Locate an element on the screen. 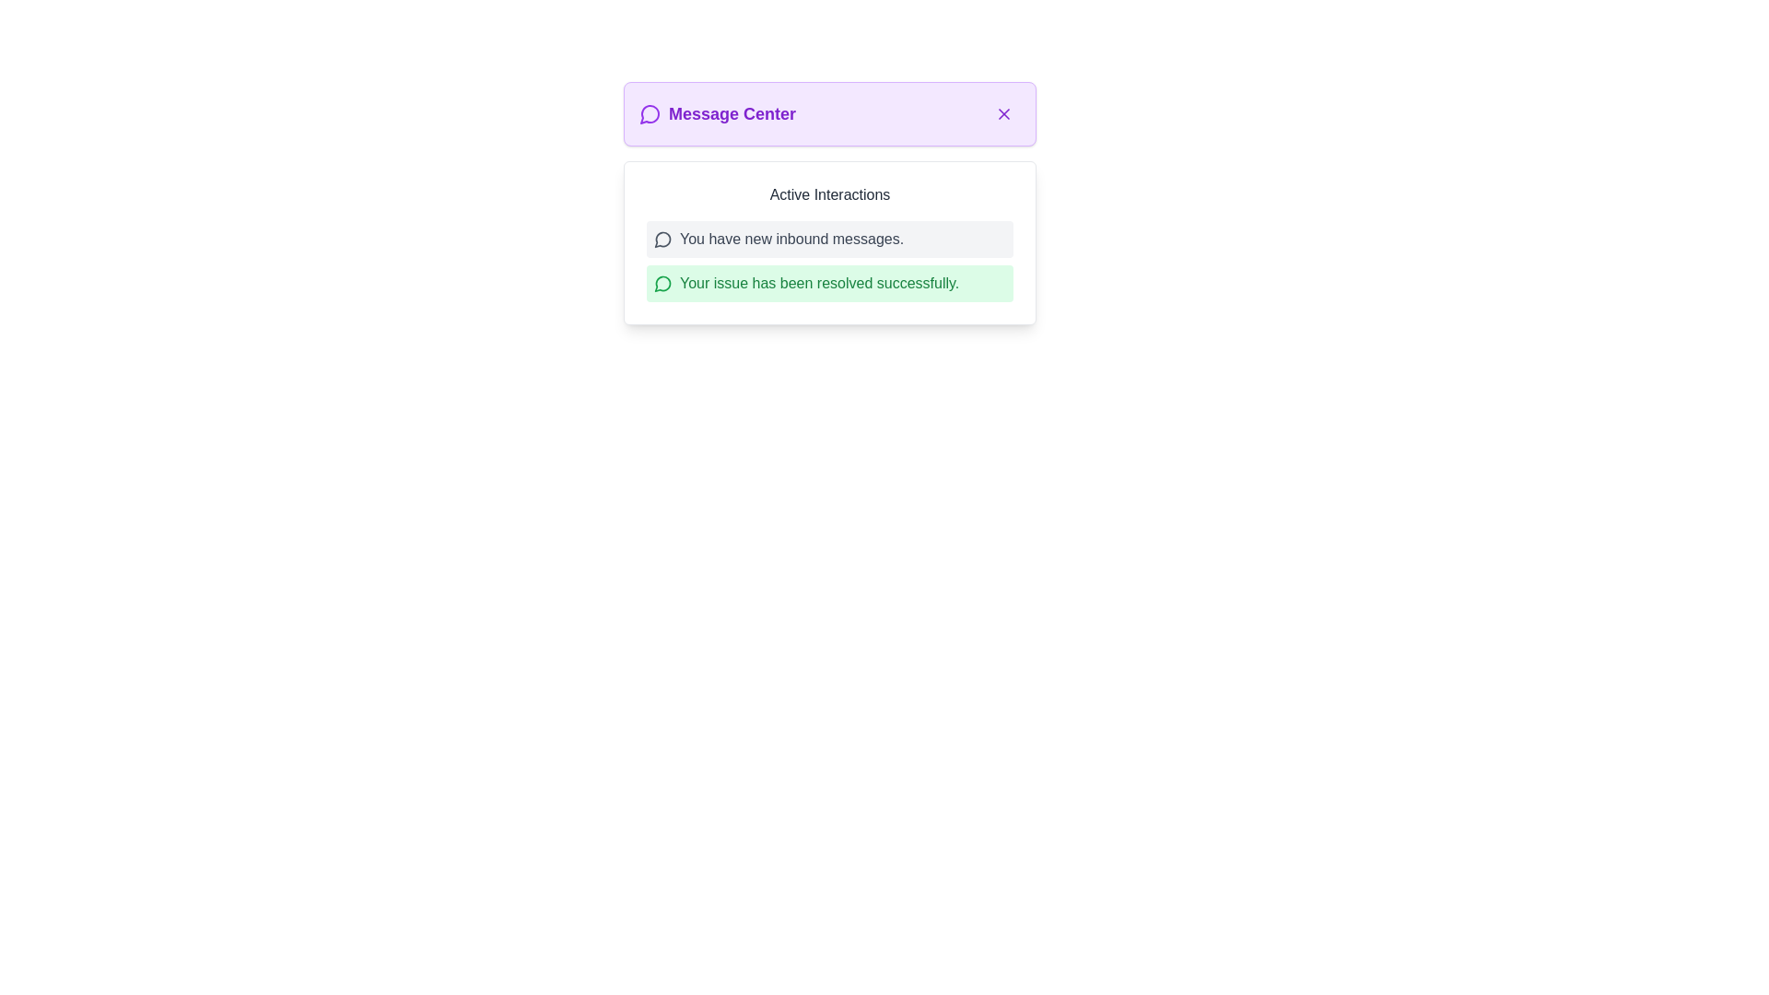 This screenshot has width=1769, height=995. the circular icon with a gray outline and speech bubble shape, which is located immediately to the left of the text 'You have new inbound messages.' is located at coordinates (663, 238).